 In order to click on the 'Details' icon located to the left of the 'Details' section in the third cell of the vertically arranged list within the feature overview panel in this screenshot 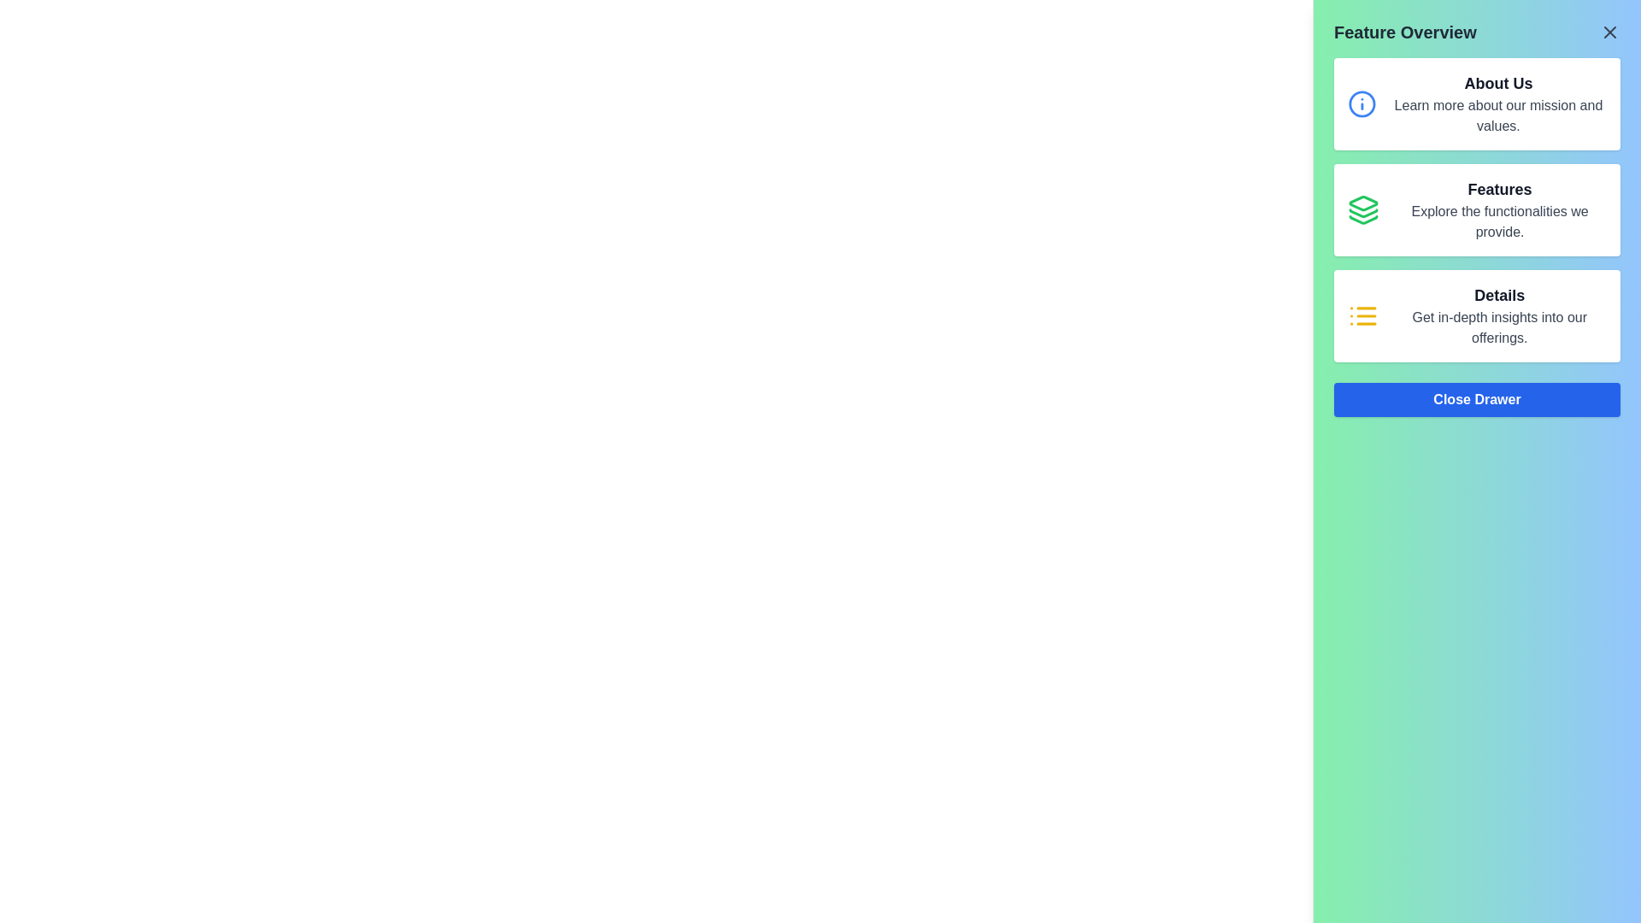, I will do `click(1362, 316)`.